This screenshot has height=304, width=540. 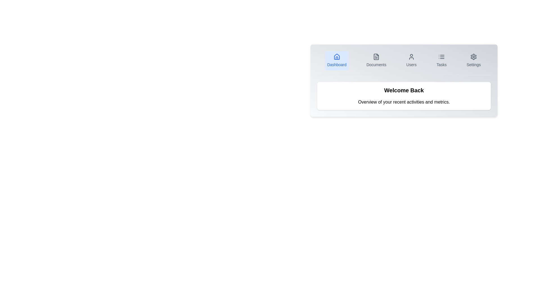 I want to click on the 'Tasks' navigation button icon, which is centered above its text label and is the fourth item in the navigation sequence, so click(x=441, y=57).